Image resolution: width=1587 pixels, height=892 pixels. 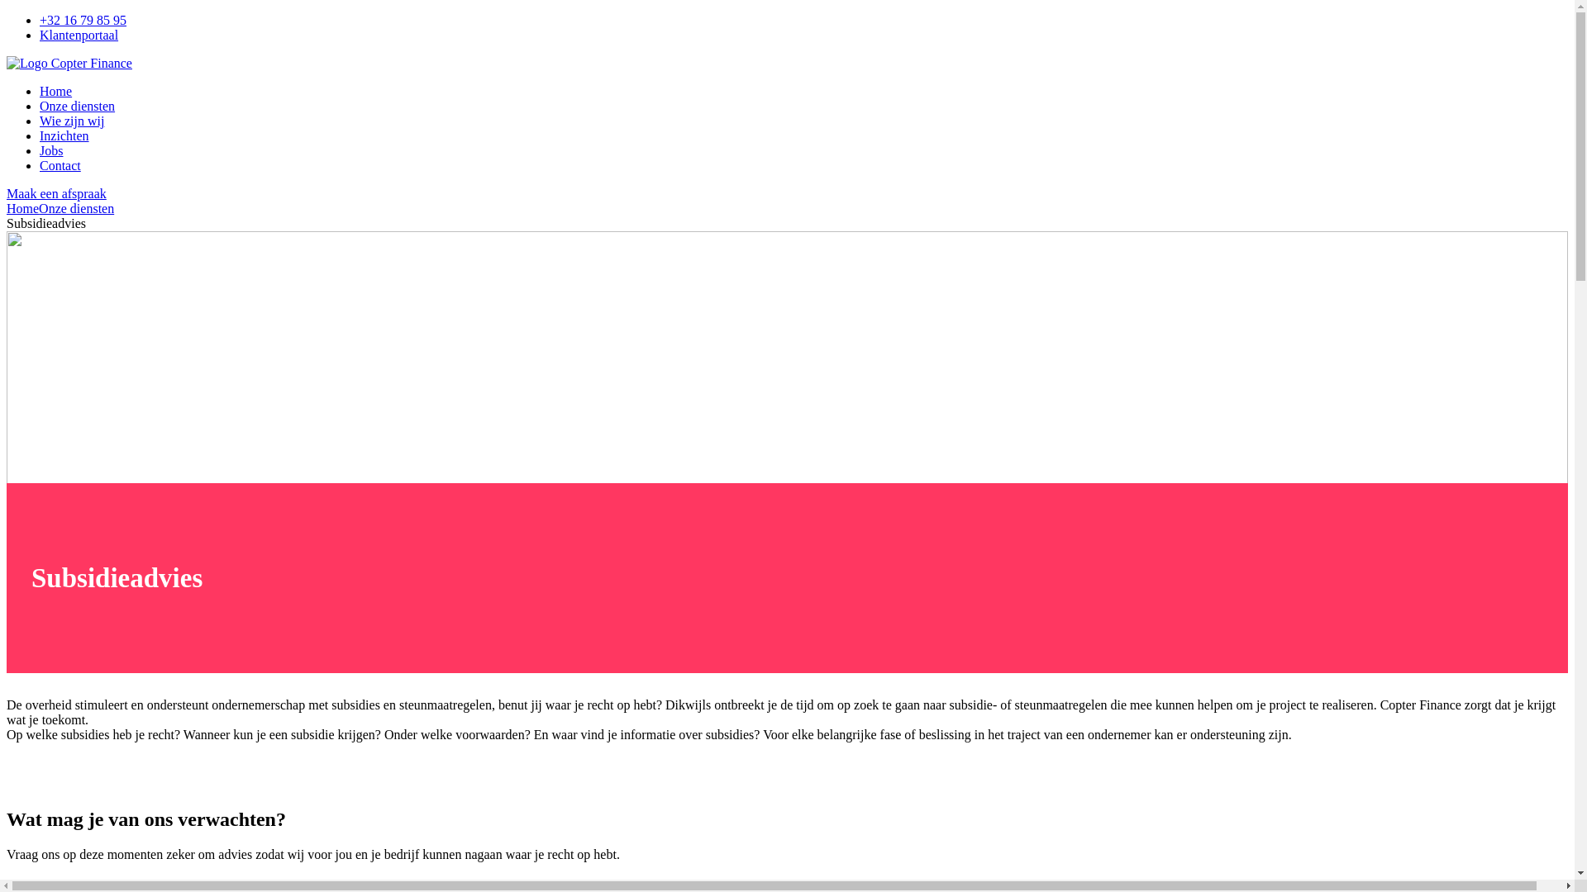 What do you see at coordinates (78, 35) in the screenshot?
I see `'Klantenportaal'` at bounding box center [78, 35].